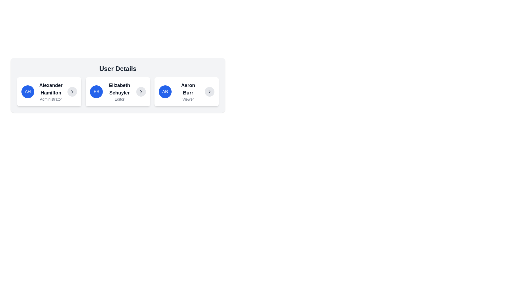  I want to click on the navigation button located in the top-right corner of the user card for 'Aaron Burr', so click(209, 92).